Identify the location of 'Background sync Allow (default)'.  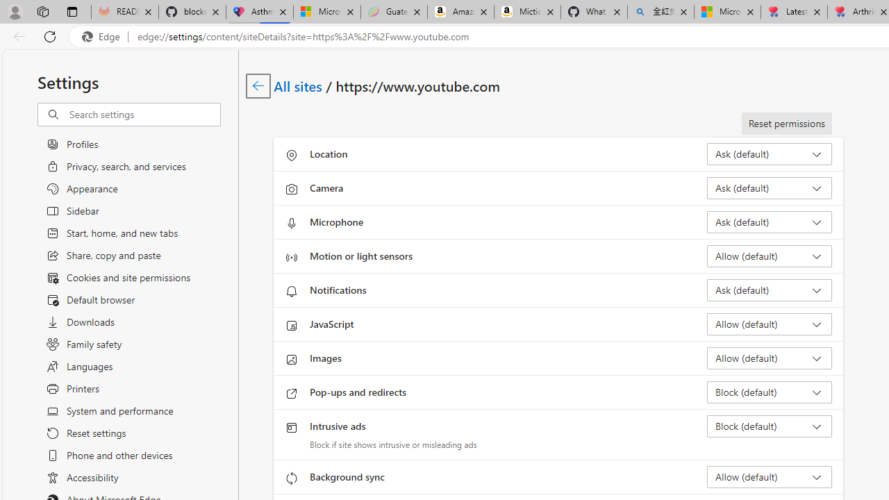
(768, 476).